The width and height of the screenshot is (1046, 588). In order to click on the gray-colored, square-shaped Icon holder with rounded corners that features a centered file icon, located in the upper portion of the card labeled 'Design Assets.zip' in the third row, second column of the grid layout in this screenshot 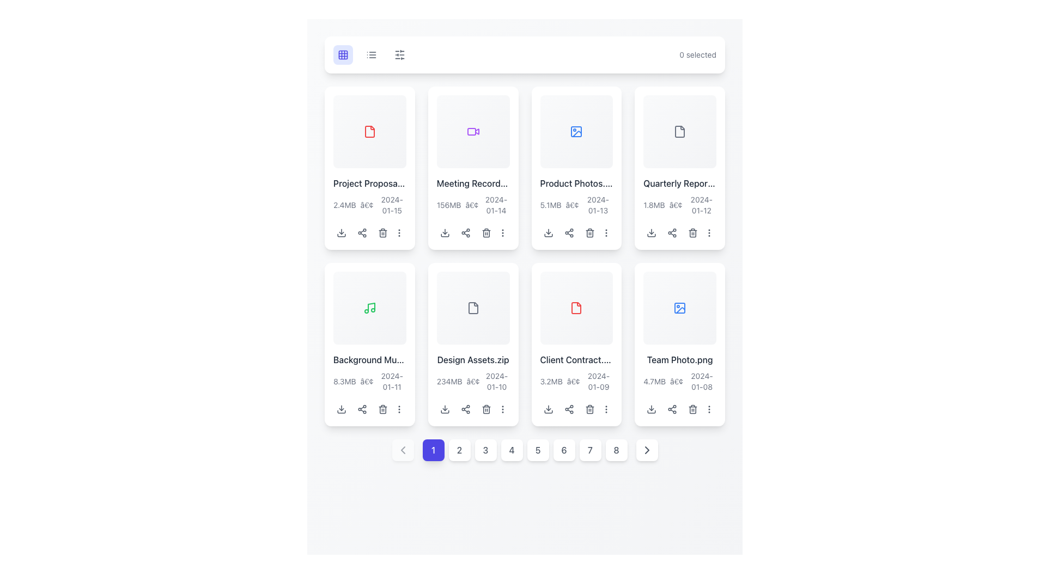, I will do `click(473, 308)`.